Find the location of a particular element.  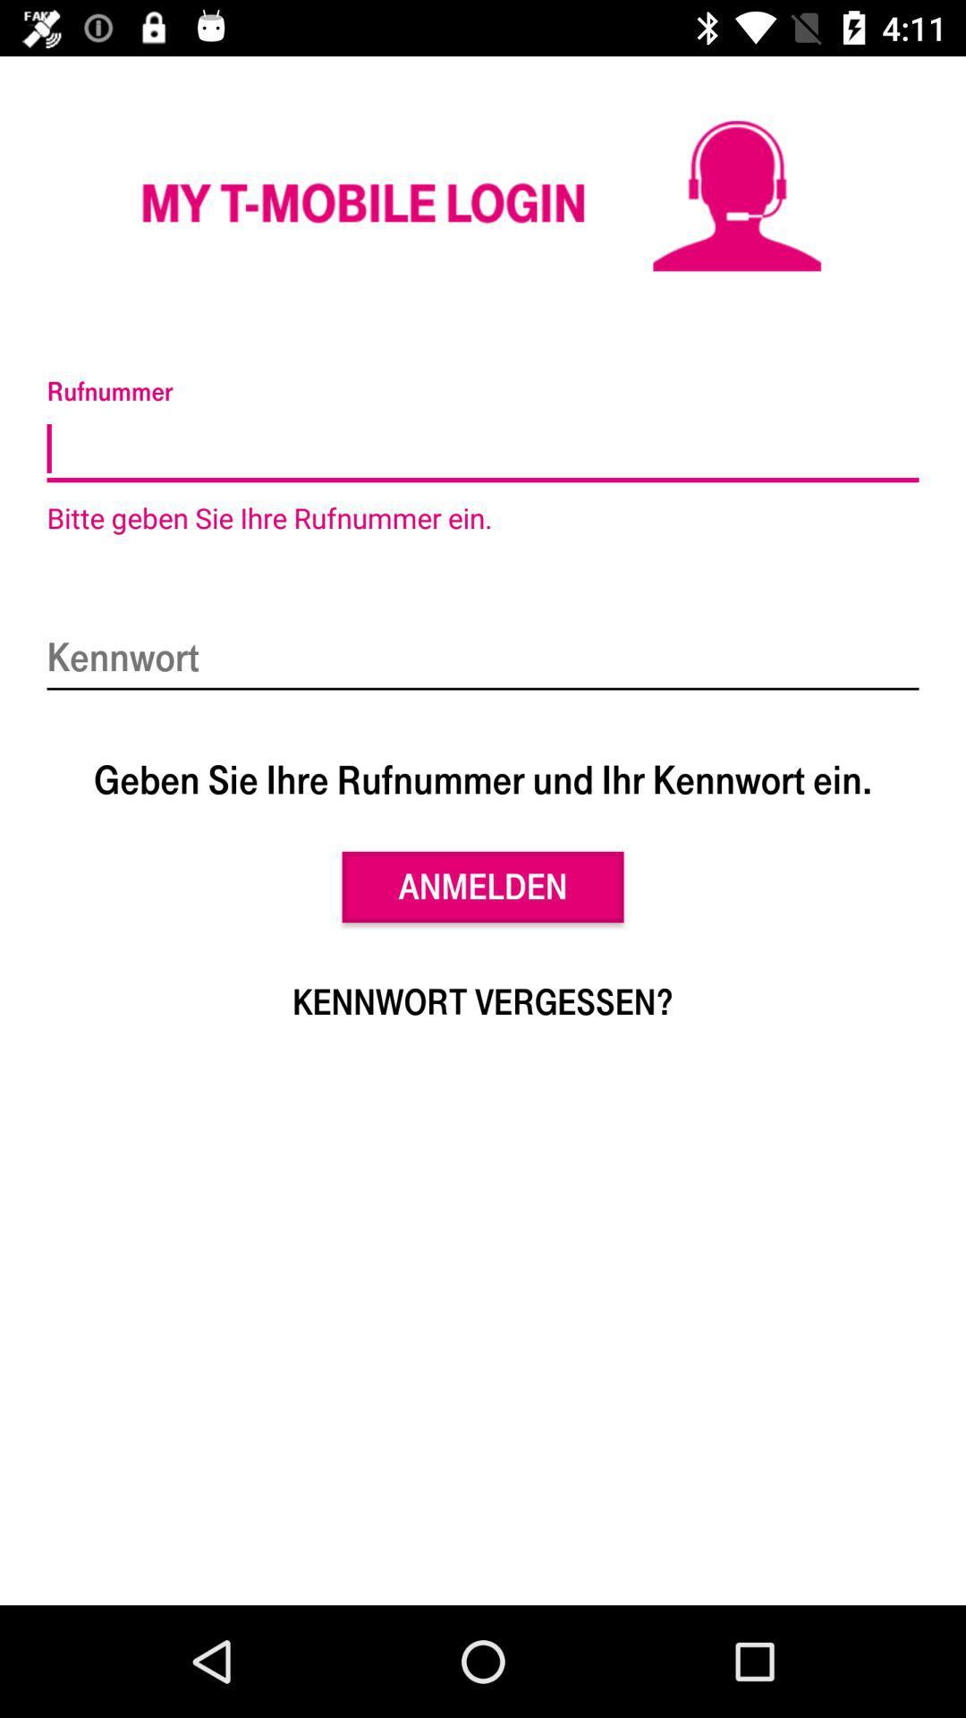

app above bitte geben sie is located at coordinates (483, 449).